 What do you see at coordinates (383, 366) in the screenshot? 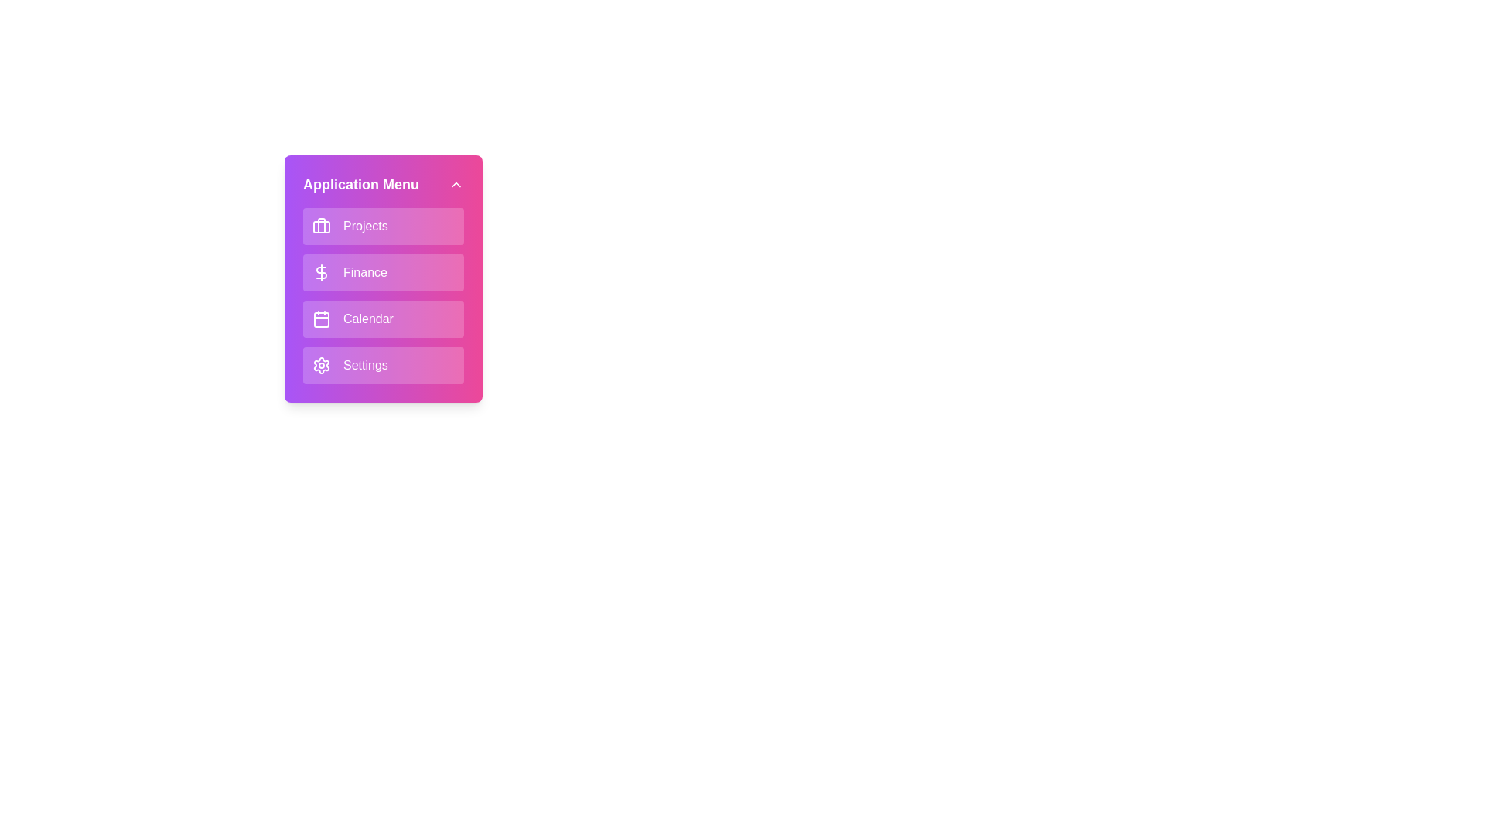
I see `the menu item Settings by clicking on it` at bounding box center [383, 366].